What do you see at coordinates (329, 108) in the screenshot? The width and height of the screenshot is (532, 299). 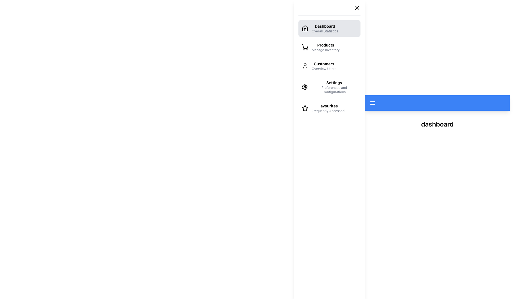 I see `the 'Favourites' navigation link located in the left-side navigation panel, positioned as the fifth item from the top` at bounding box center [329, 108].